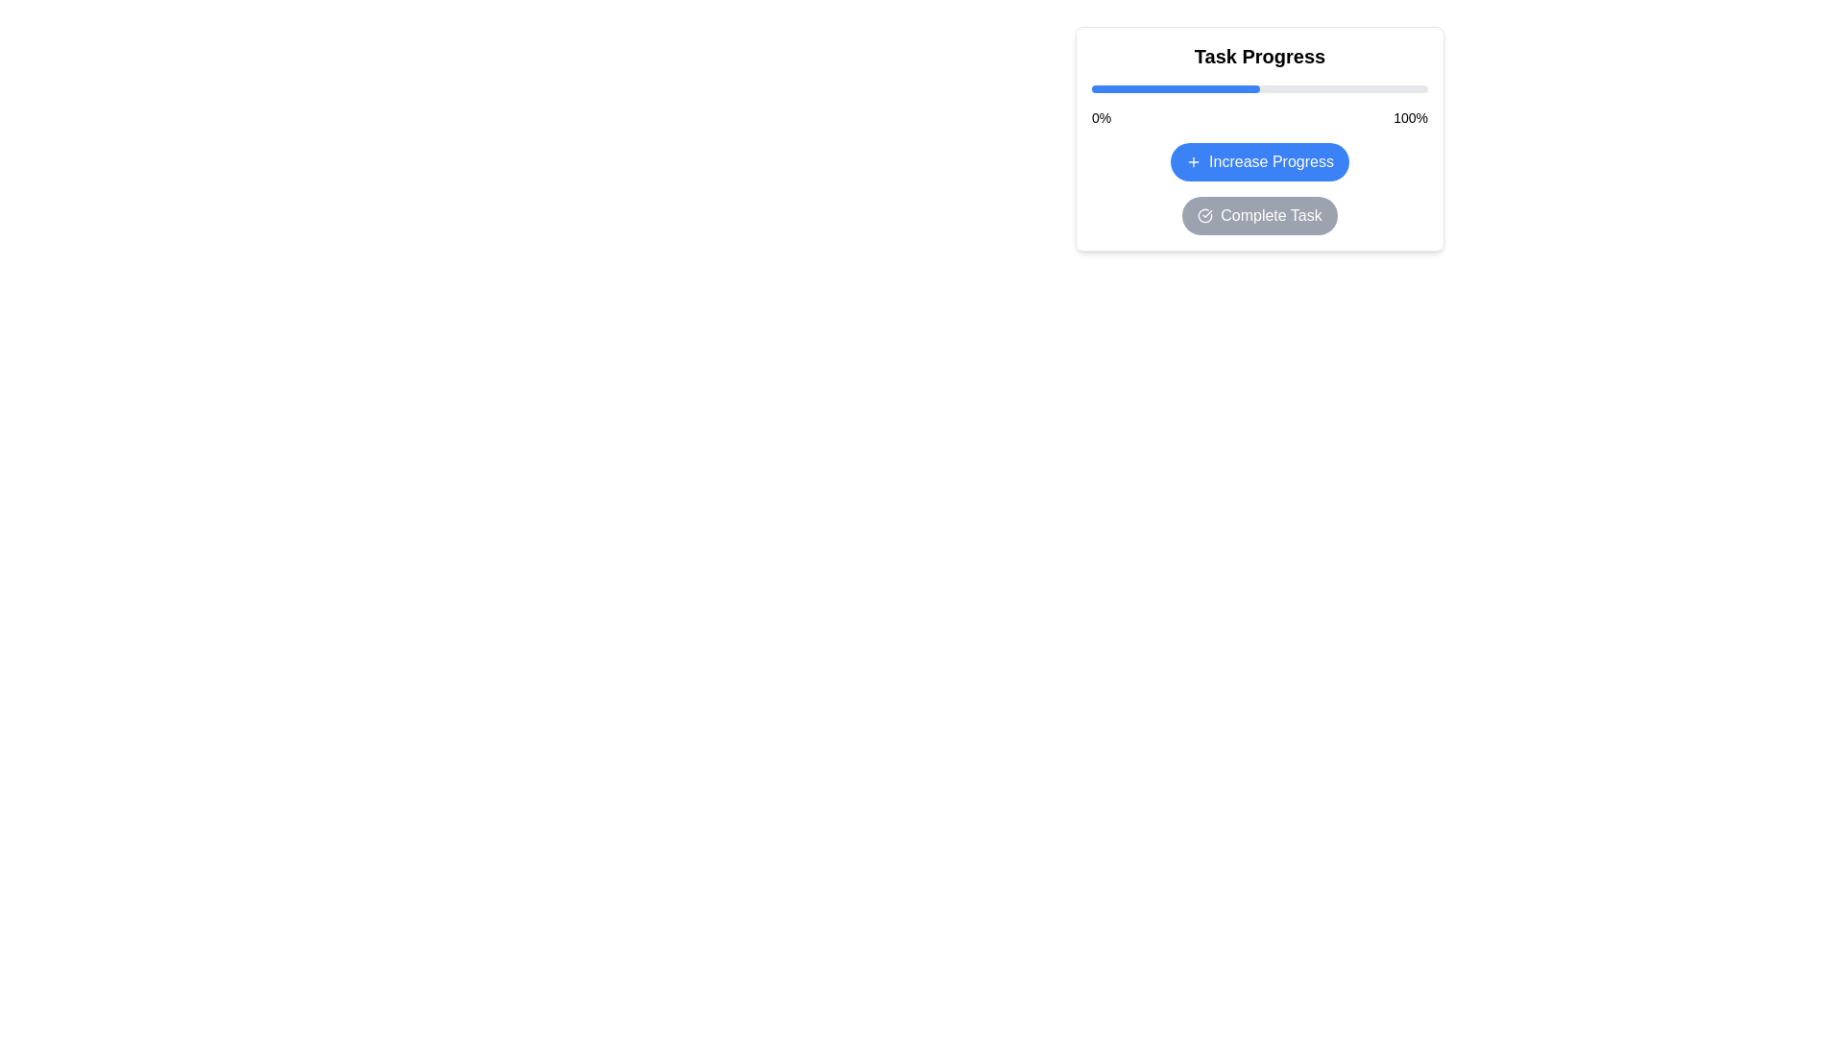 The height and width of the screenshot is (1037, 1844). Describe the element at coordinates (1193, 161) in the screenshot. I see `the plus sign icon inside the blue button labeled 'Increase Progress' that is positioned to the right of the progress bar` at that location.